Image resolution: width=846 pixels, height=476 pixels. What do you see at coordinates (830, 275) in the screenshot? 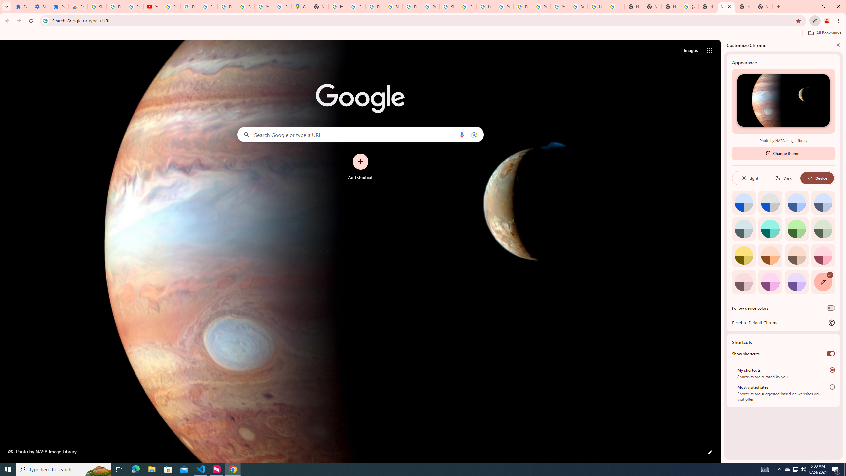
I see `'AutomationID: svg'` at bounding box center [830, 275].